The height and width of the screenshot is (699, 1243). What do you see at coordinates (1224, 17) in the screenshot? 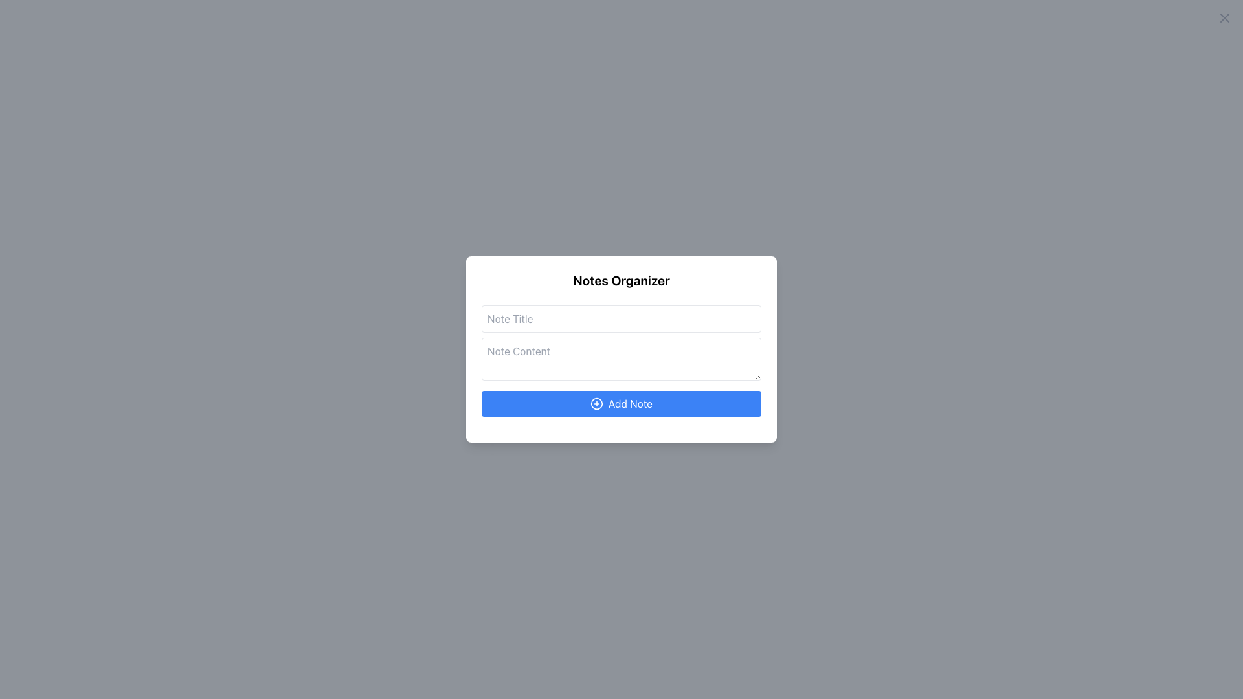
I see `the cross icon` at bounding box center [1224, 17].